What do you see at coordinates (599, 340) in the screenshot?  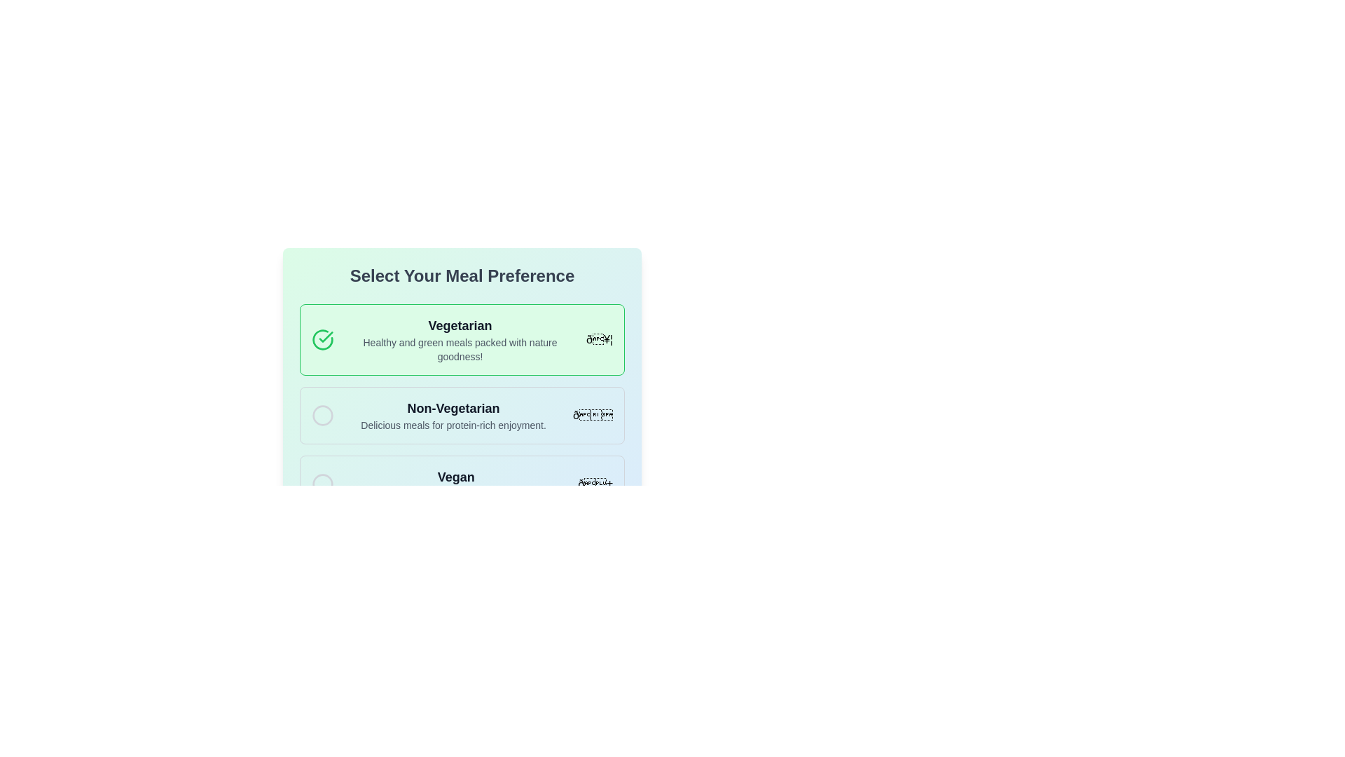 I see `the small emoji-like graphic located at the far-right side of the 'Vegetarian' section within the 'Select Your Meal Preference' menu` at bounding box center [599, 340].